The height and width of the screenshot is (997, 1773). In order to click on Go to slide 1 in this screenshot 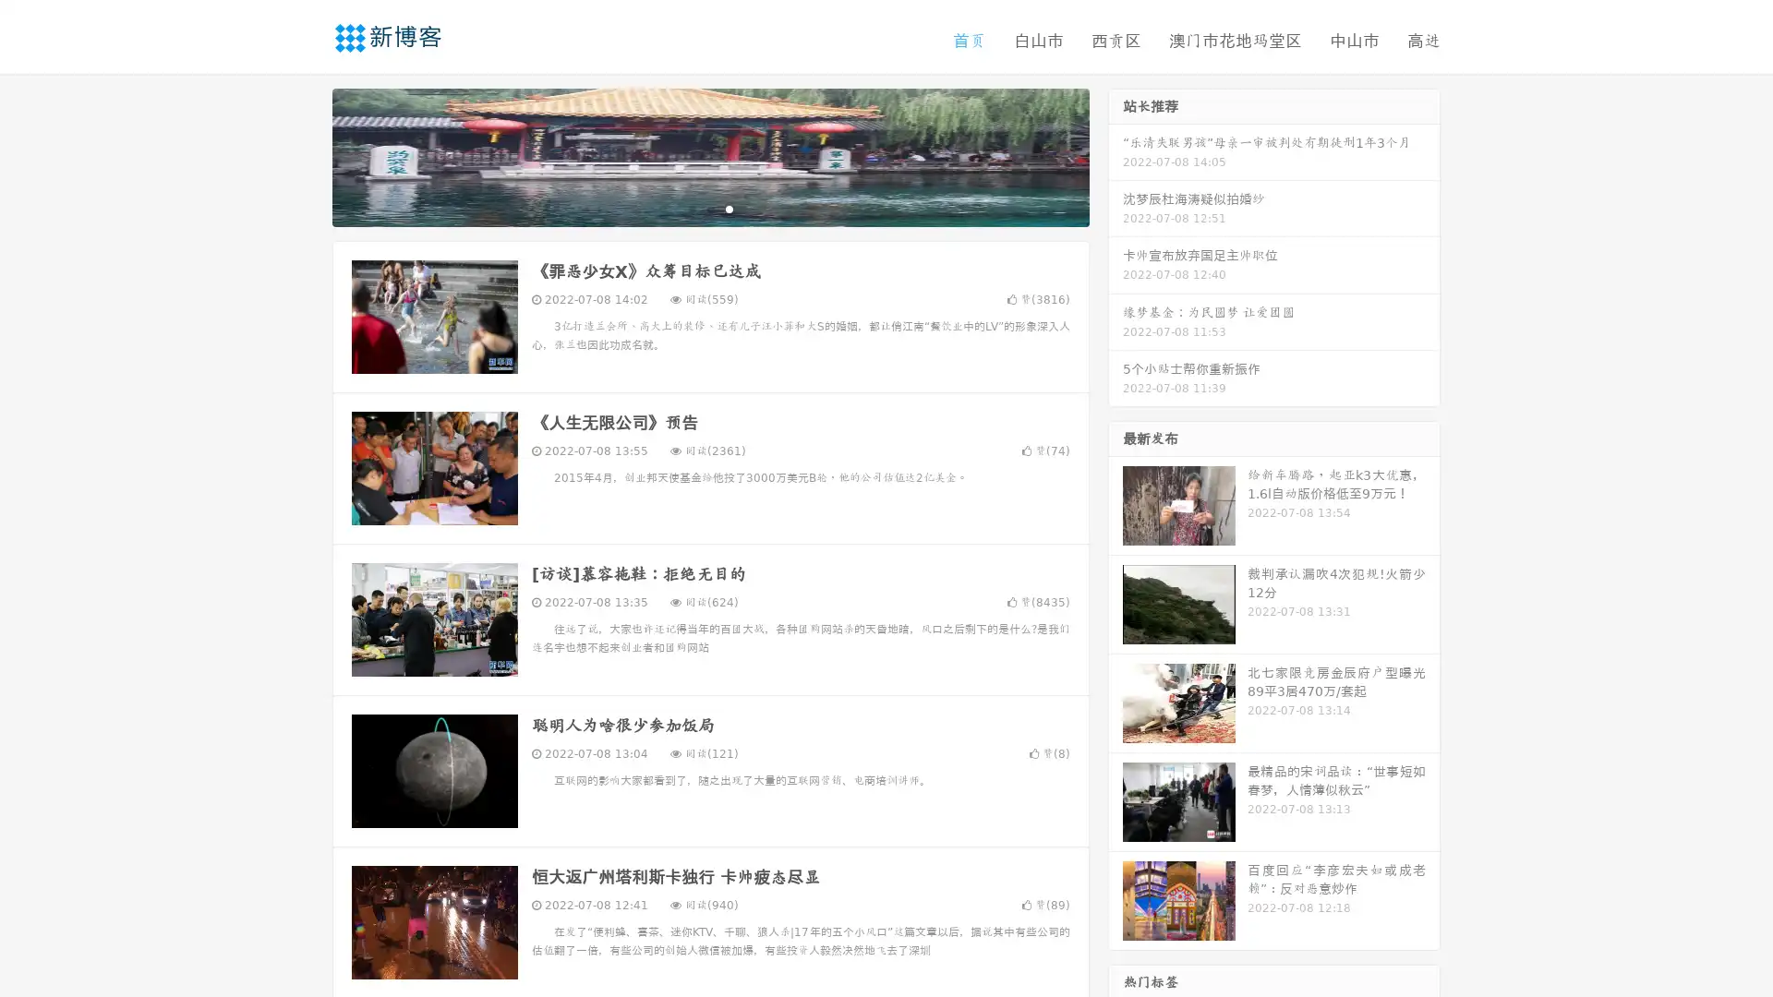, I will do `click(691, 208)`.